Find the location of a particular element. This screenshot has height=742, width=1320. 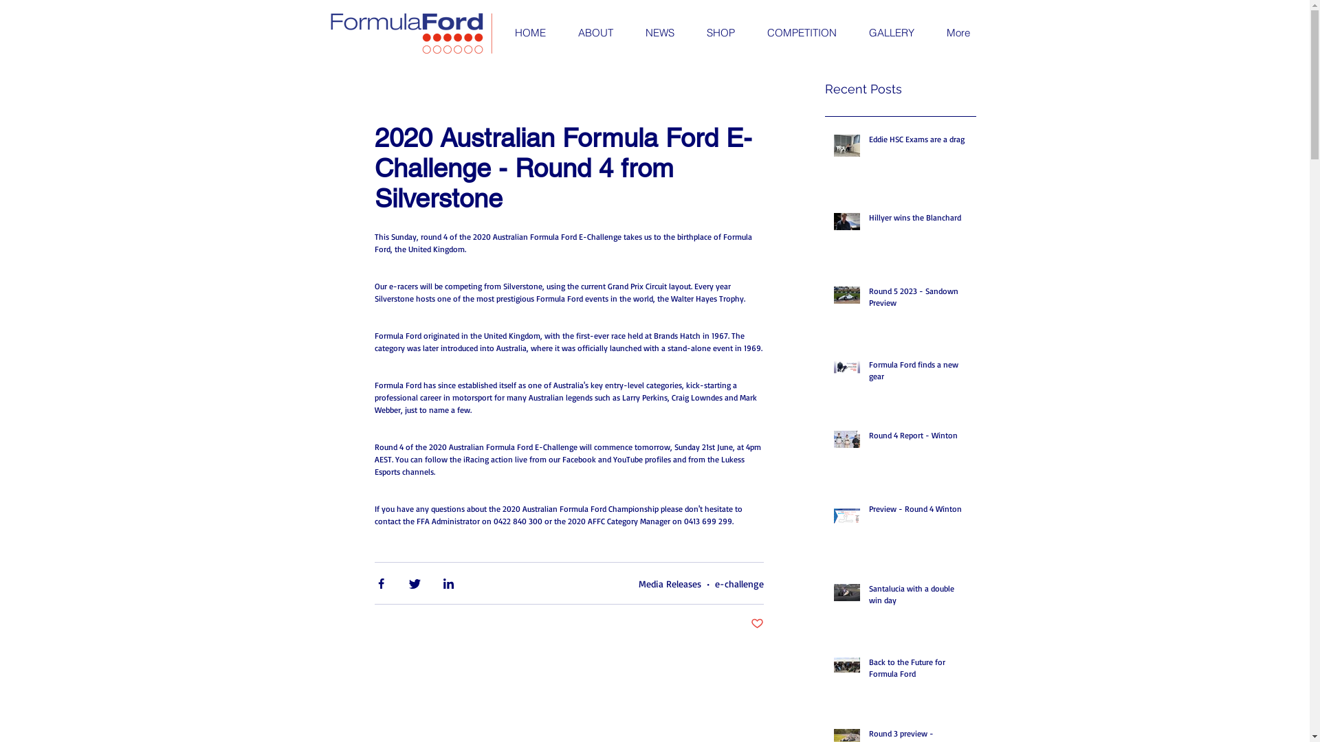

'Media Releases' is located at coordinates (669, 583).